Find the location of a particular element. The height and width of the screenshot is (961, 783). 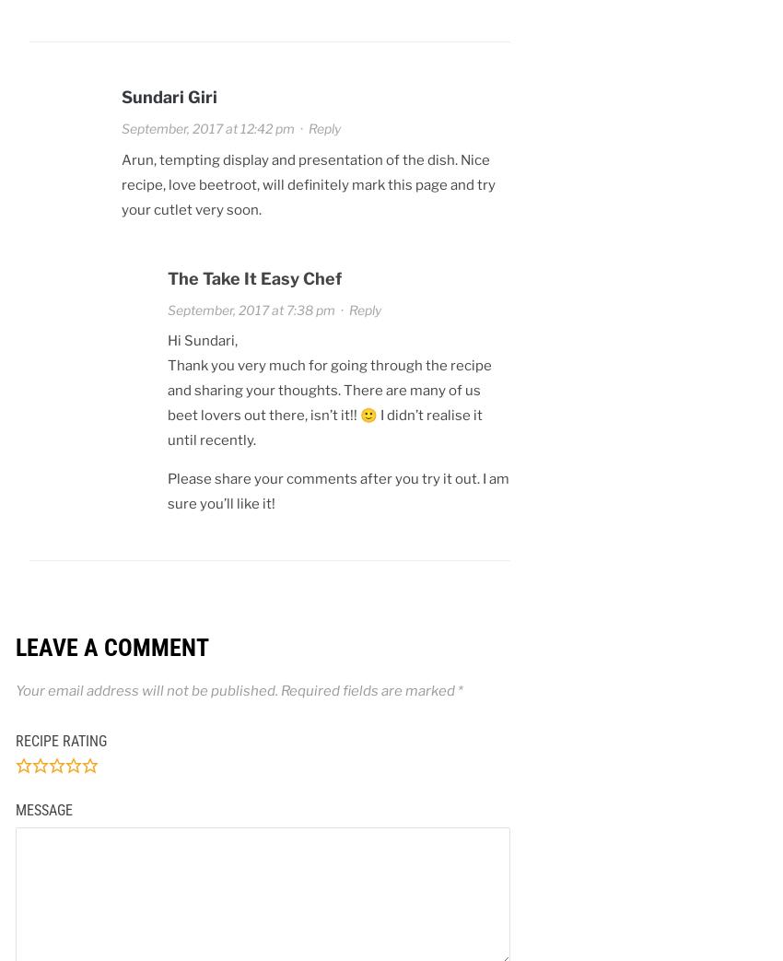

'Required fields are marked' is located at coordinates (369, 688).